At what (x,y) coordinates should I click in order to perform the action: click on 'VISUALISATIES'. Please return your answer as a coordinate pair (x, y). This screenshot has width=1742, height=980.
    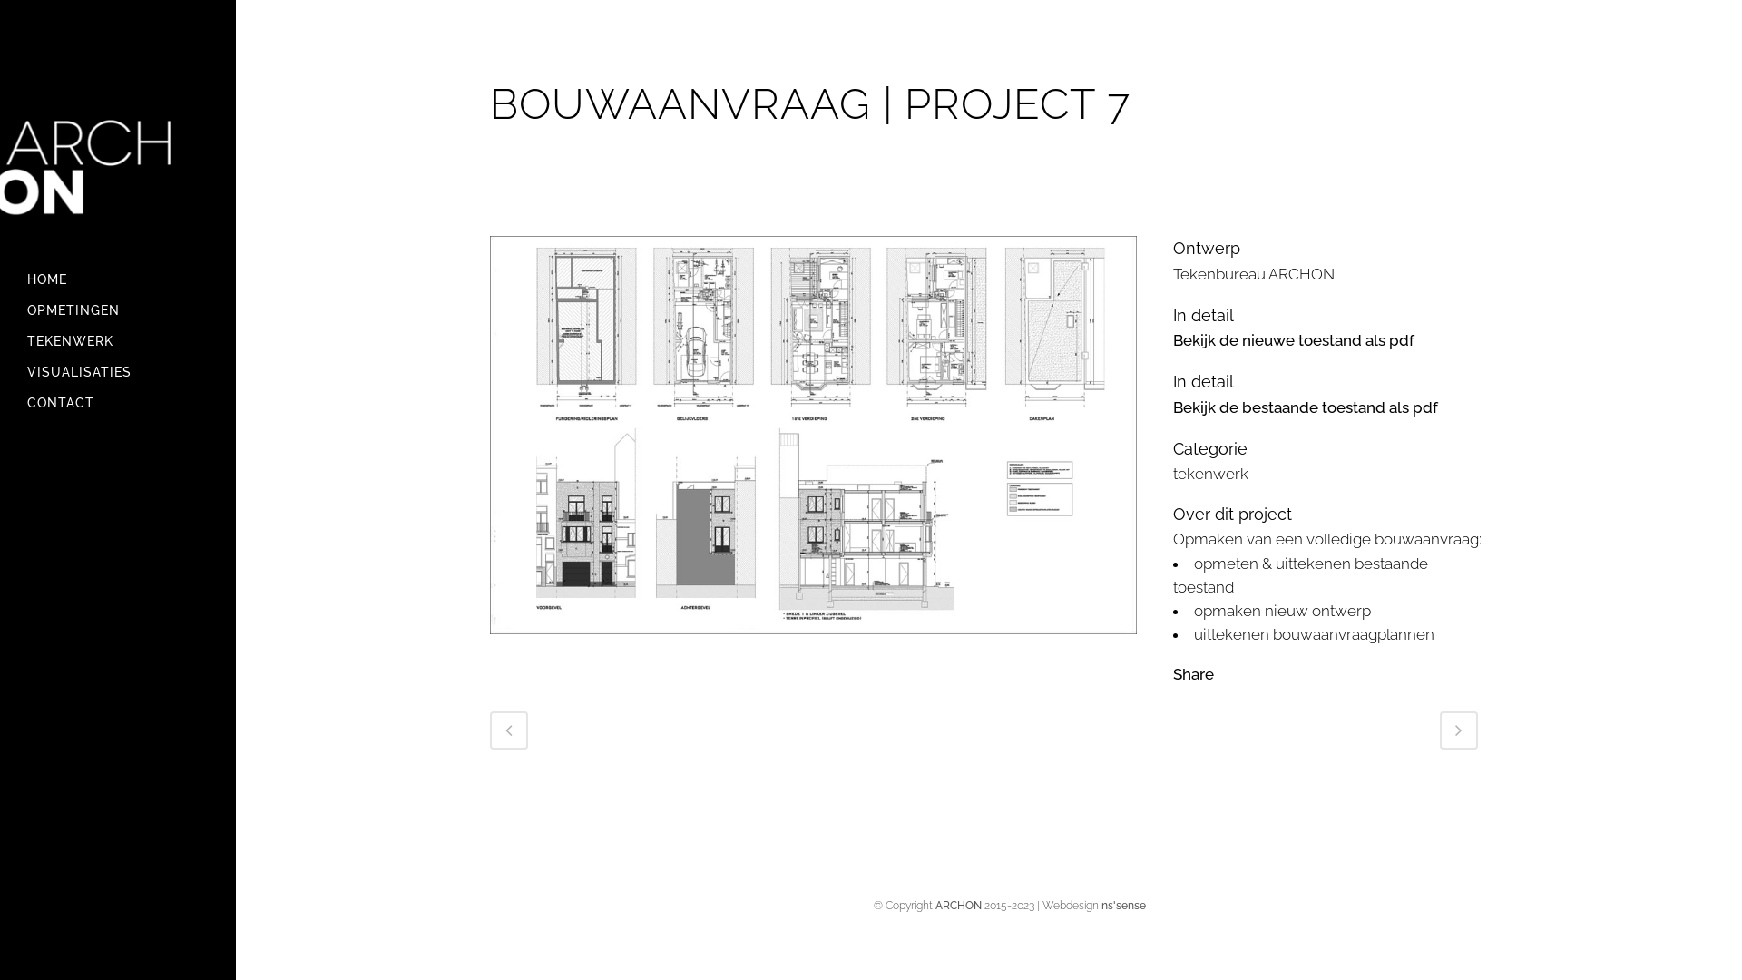
    Looking at the image, I should click on (26, 370).